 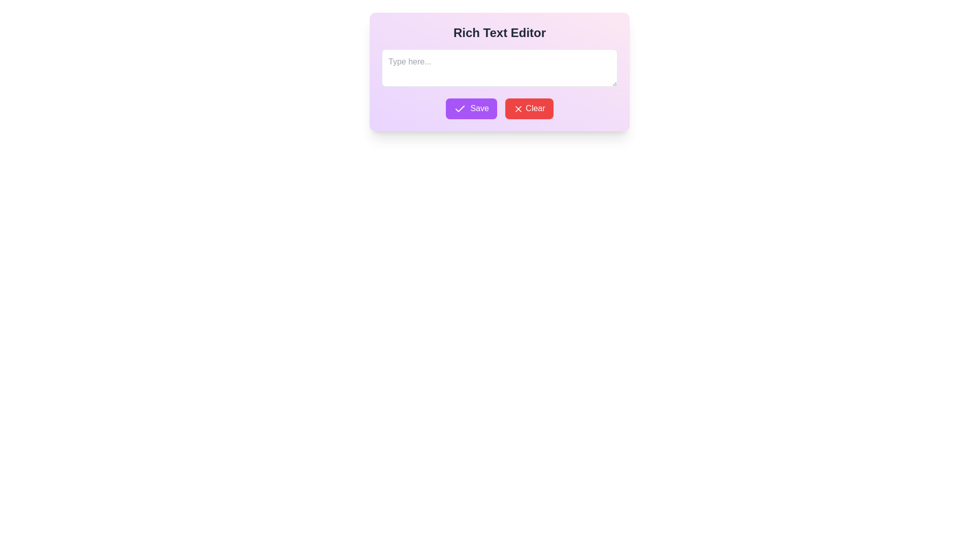 I want to click on the confirmation icon located to the left of the 'Save' button, which indicates a positive action, so click(x=460, y=109).